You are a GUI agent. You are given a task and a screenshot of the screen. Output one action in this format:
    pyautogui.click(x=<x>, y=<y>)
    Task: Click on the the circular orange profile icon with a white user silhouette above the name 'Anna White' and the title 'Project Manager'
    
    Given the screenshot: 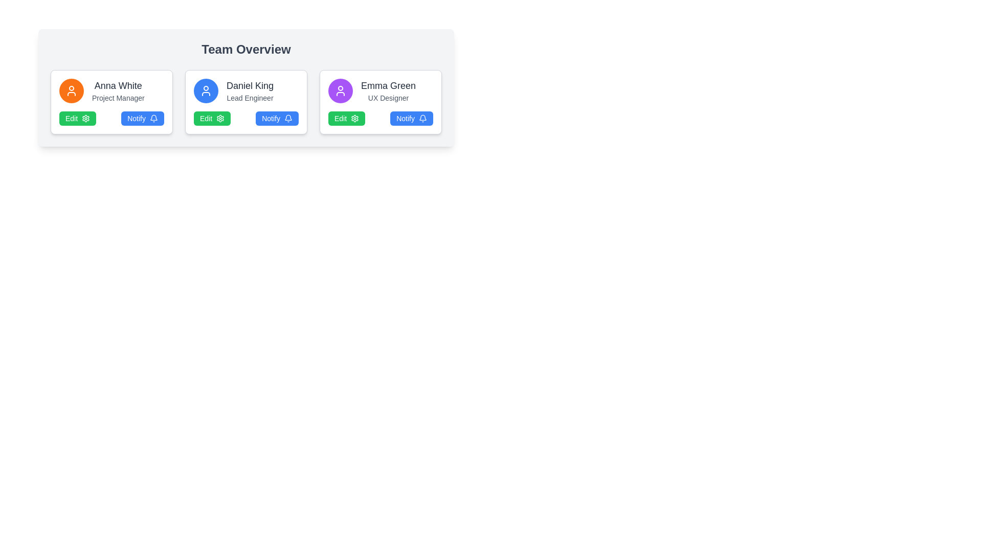 What is the action you would take?
    pyautogui.click(x=71, y=90)
    